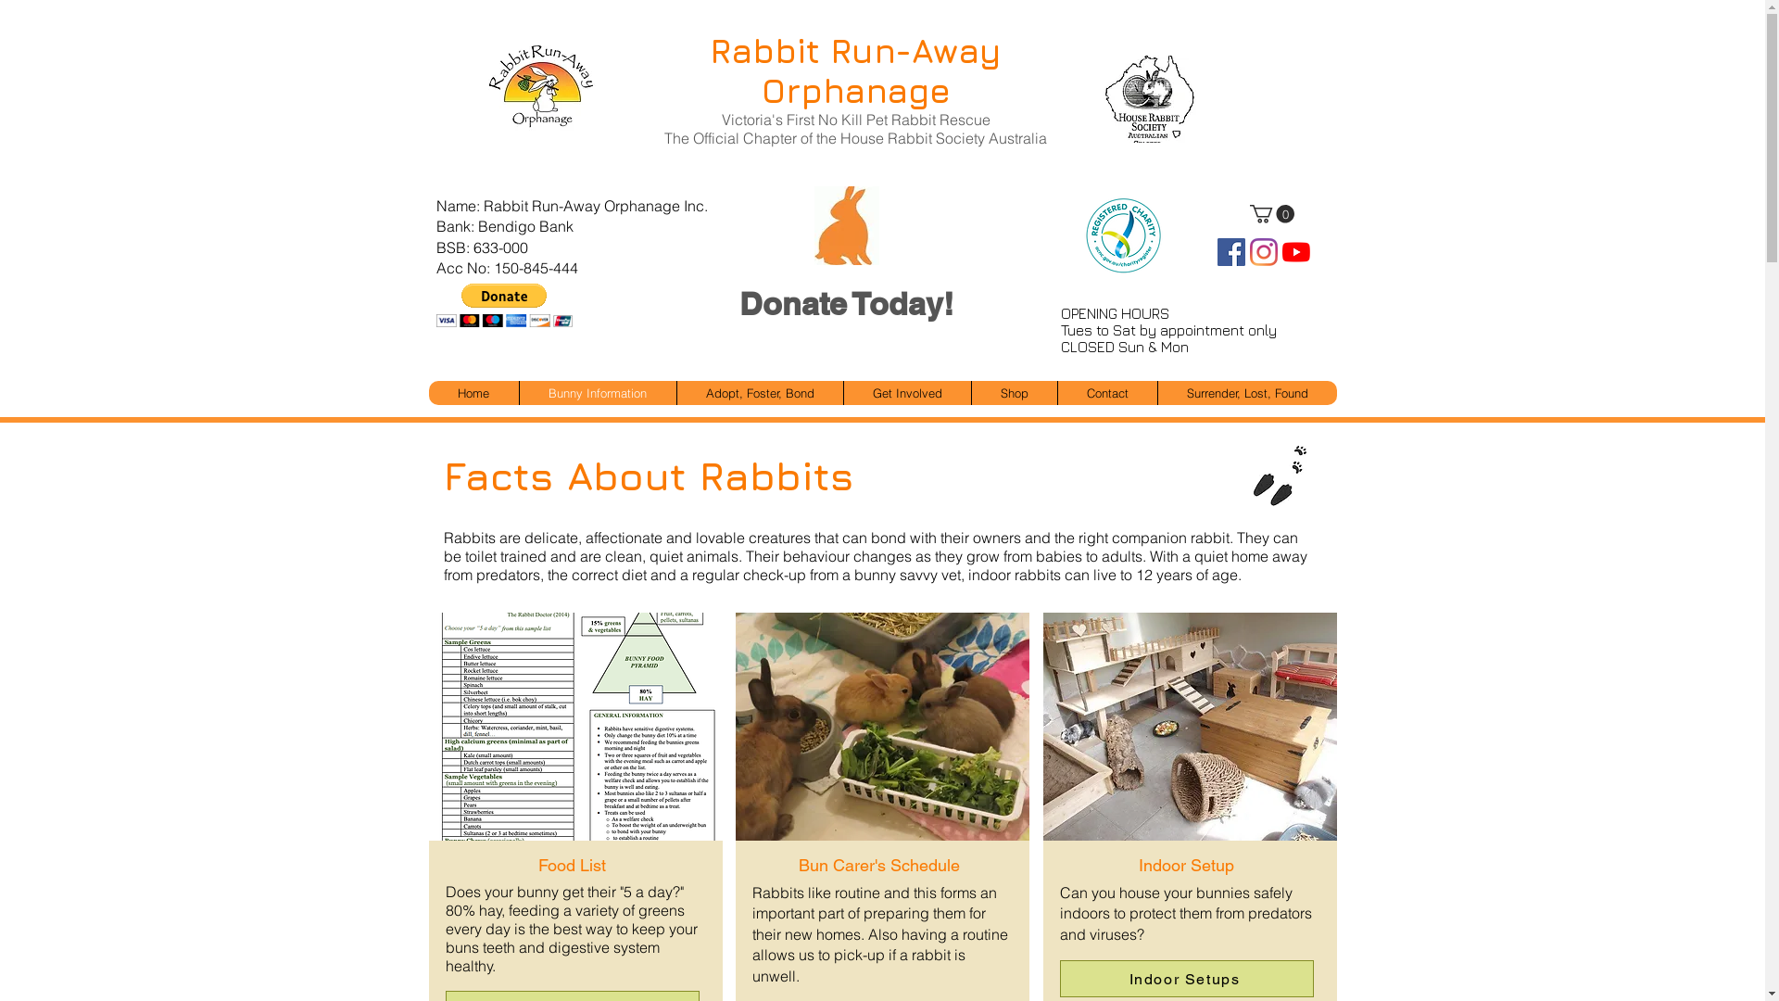 Image resolution: width=1779 pixels, height=1001 pixels. I want to click on 'RRO Logo New.jpg', so click(475, 86).